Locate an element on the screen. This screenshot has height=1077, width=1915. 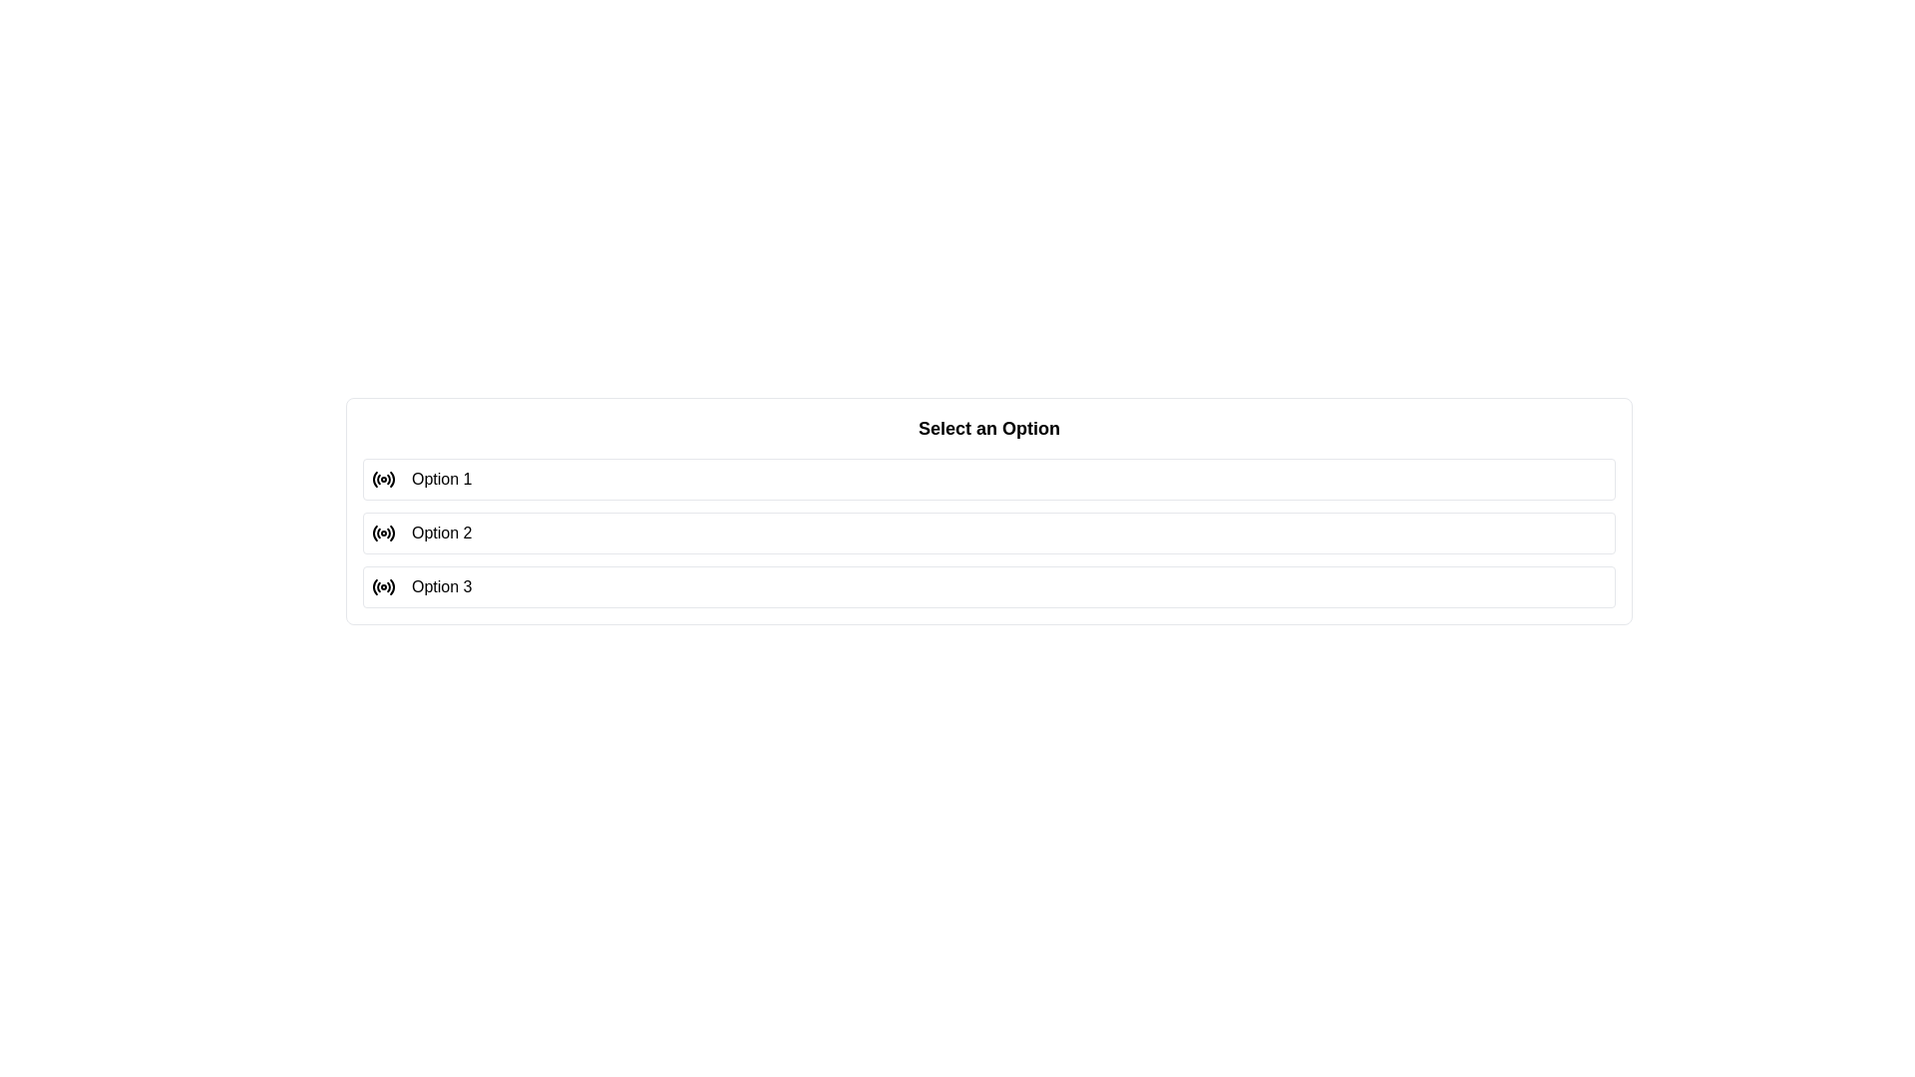
the selectable list option labeled 'Option 3' to observe any hover effects is located at coordinates (441, 586).